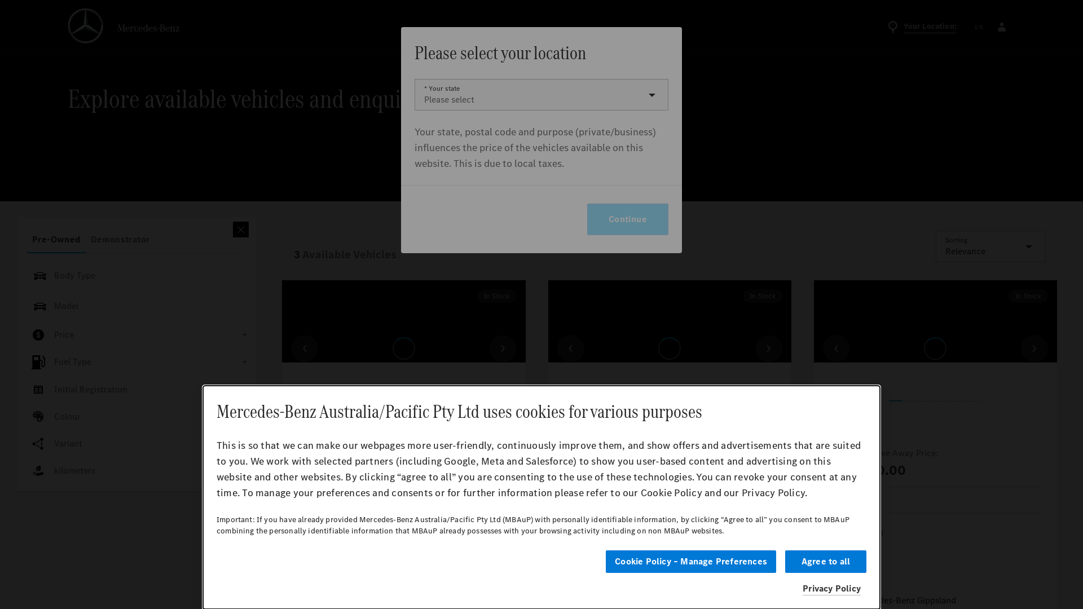  What do you see at coordinates (587, 219) in the screenshot?
I see `'Continue'` at bounding box center [587, 219].